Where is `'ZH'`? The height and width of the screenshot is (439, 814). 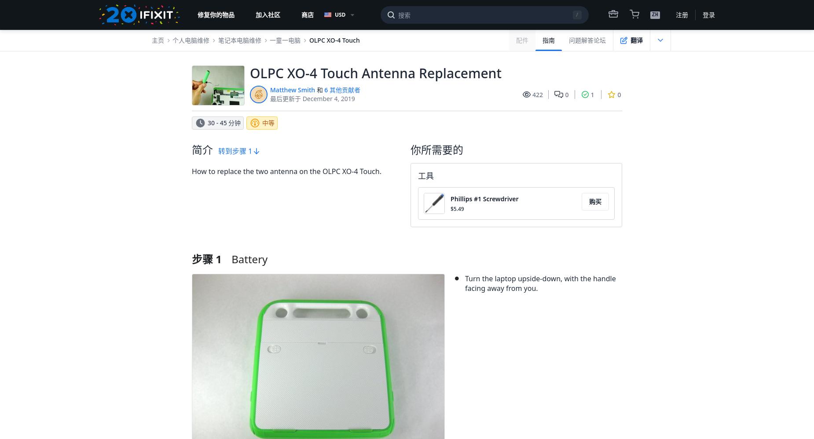 'ZH' is located at coordinates (655, 14).